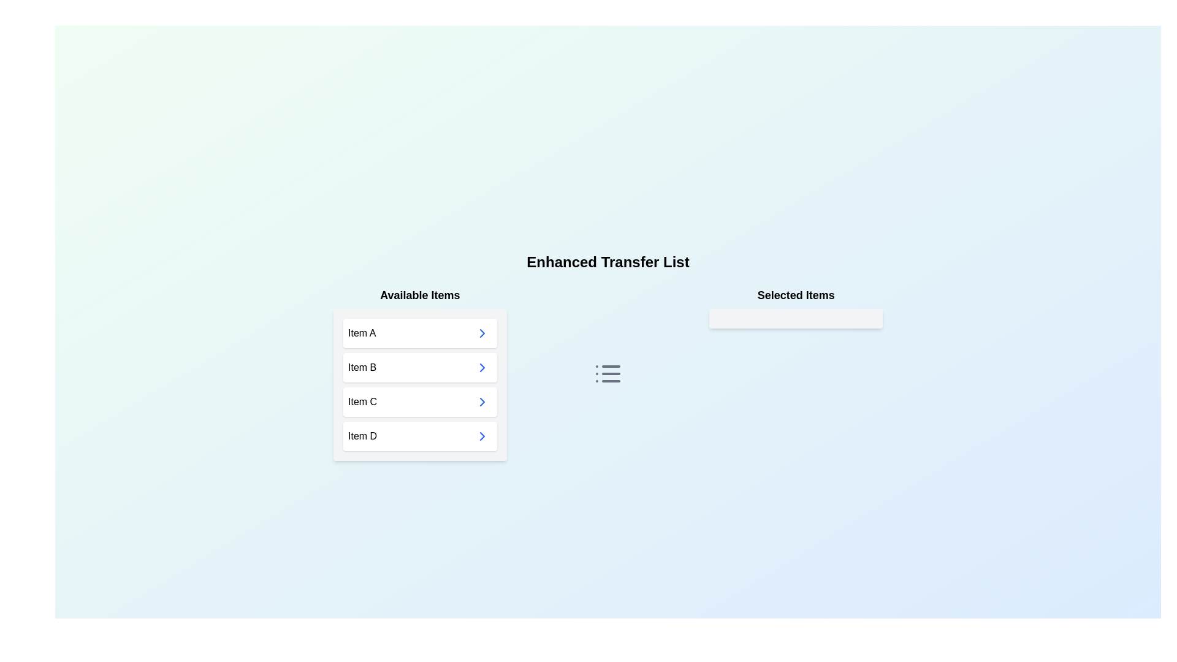 Image resolution: width=1177 pixels, height=662 pixels. I want to click on the central icon in the component, so click(608, 373).